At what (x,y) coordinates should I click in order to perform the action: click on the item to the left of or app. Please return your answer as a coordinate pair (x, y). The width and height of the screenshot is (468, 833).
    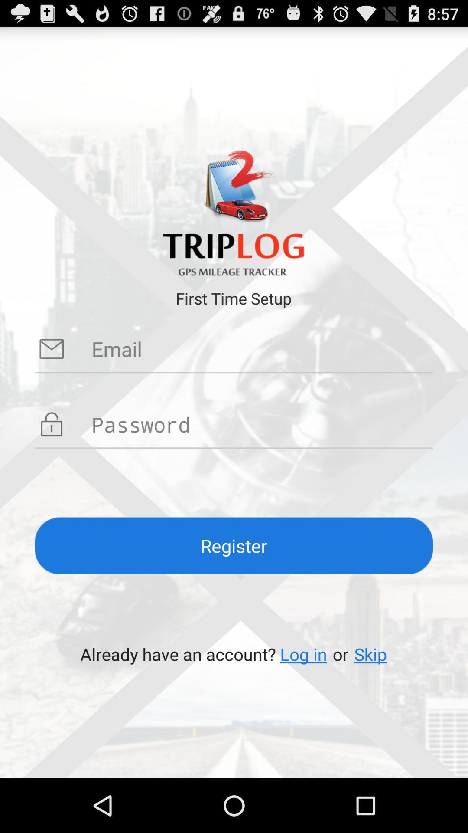
    Looking at the image, I should click on (303, 654).